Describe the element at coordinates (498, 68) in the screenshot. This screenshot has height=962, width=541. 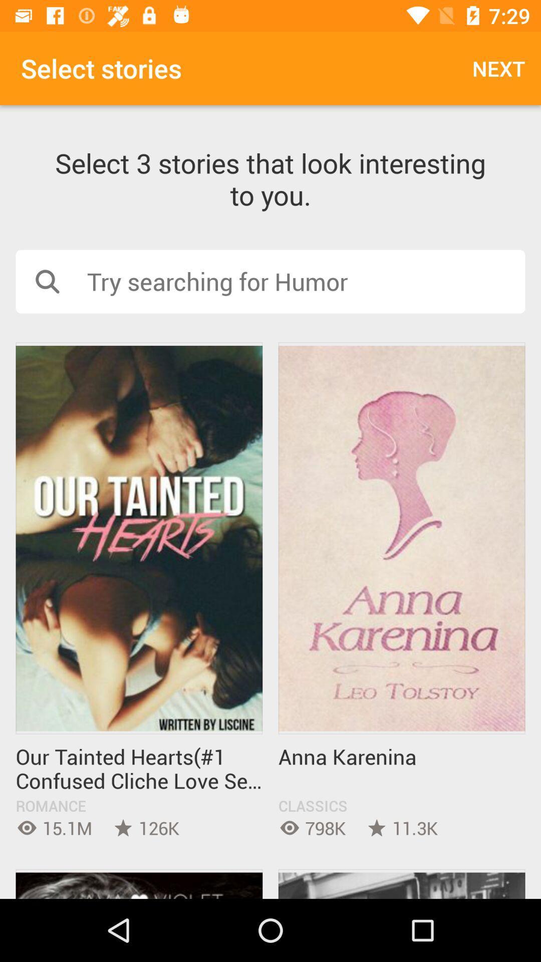
I see `the next icon` at that location.